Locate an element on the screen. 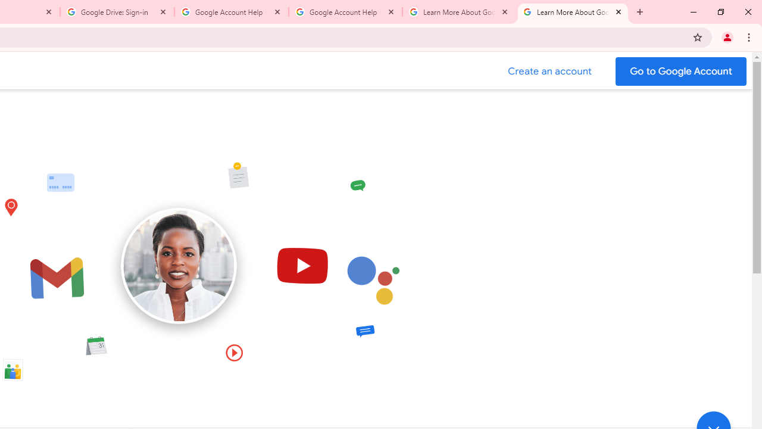 The width and height of the screenshot is (762, 429). 'Go to your Google Account' is located at coordinates (681, 71).